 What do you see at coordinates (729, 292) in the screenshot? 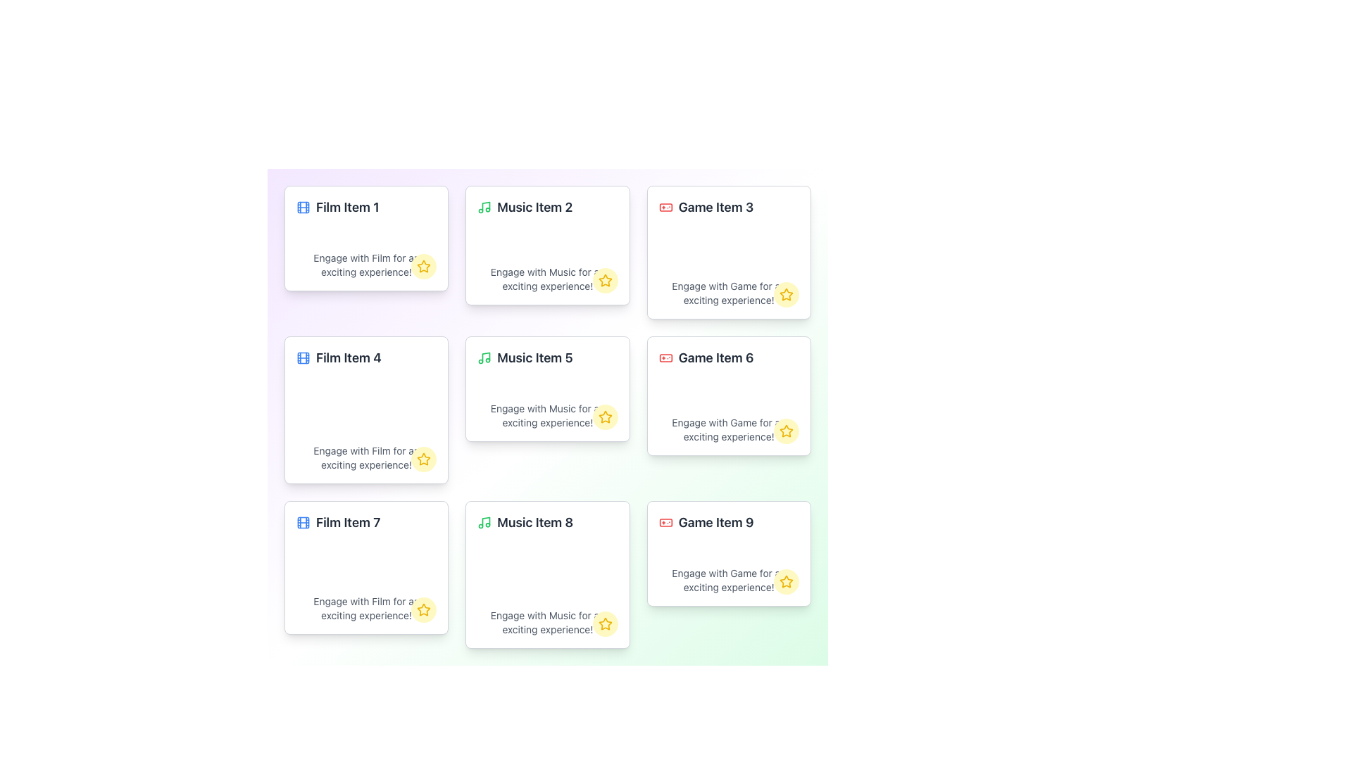
I see `the static text label that reads 'Engage with Game for an exciting experience!' located in the 'Game Item 3' card, positioned in the top right section of the grid layout` at bounding box center [729, 292].